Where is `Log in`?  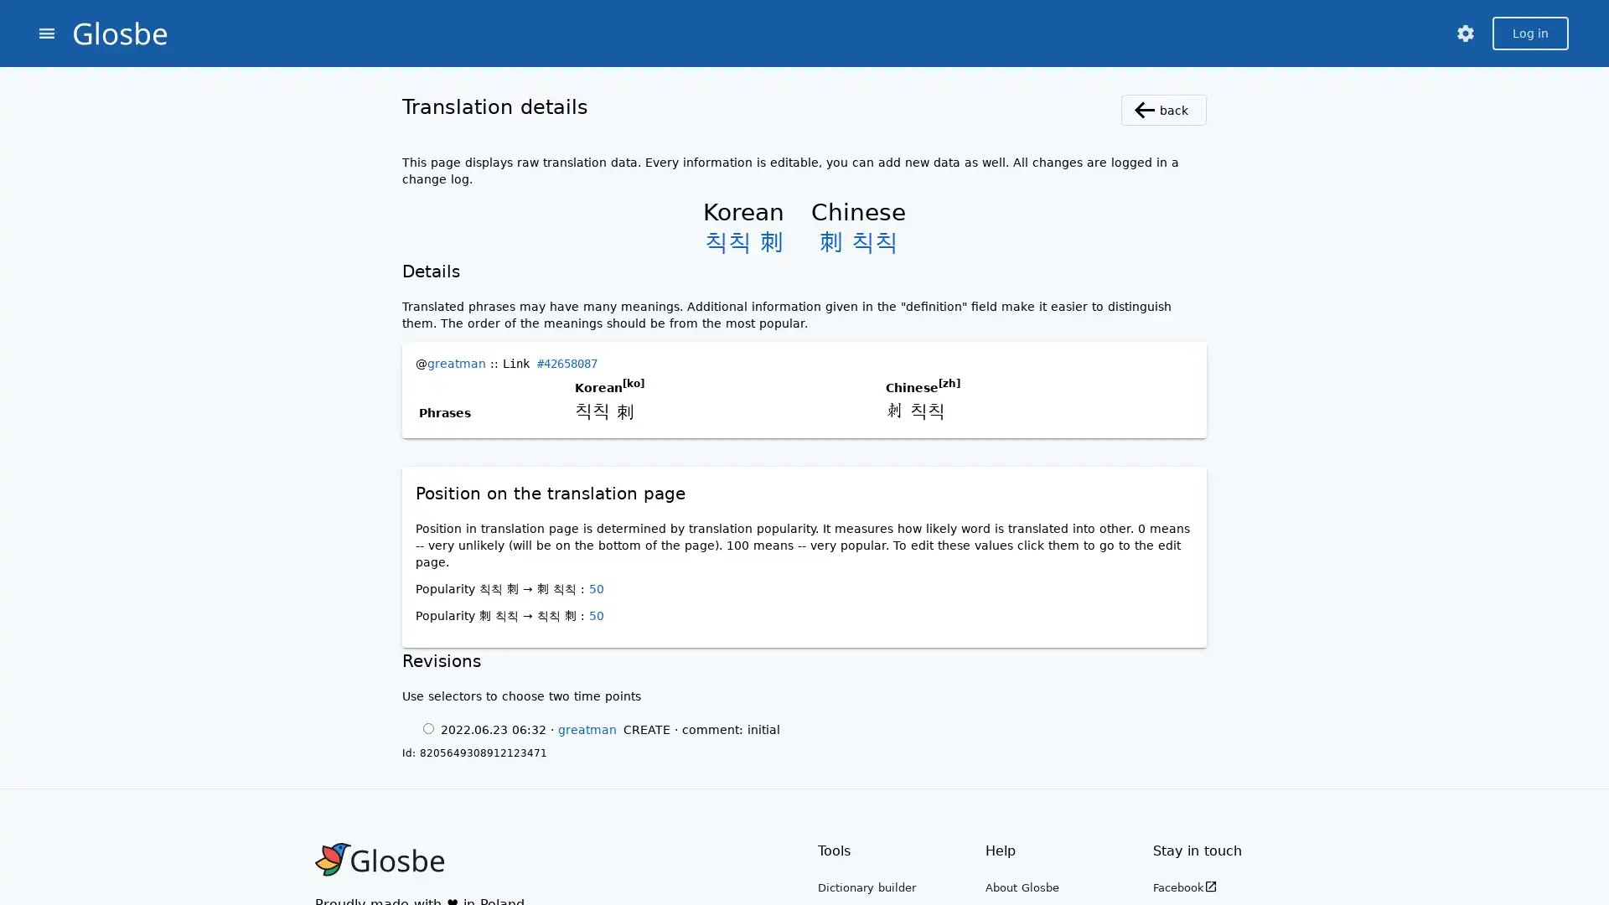 Log in is located at coordinates (1530, 33).